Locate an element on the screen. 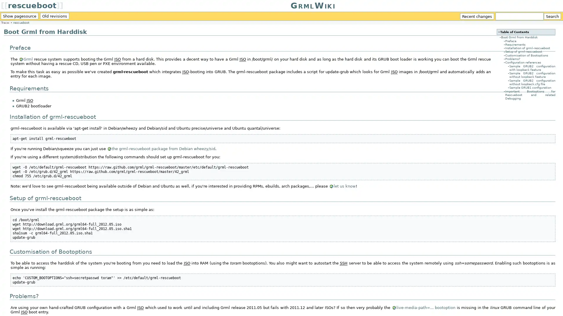  Show pagesource is located at coordinates (20, 16).